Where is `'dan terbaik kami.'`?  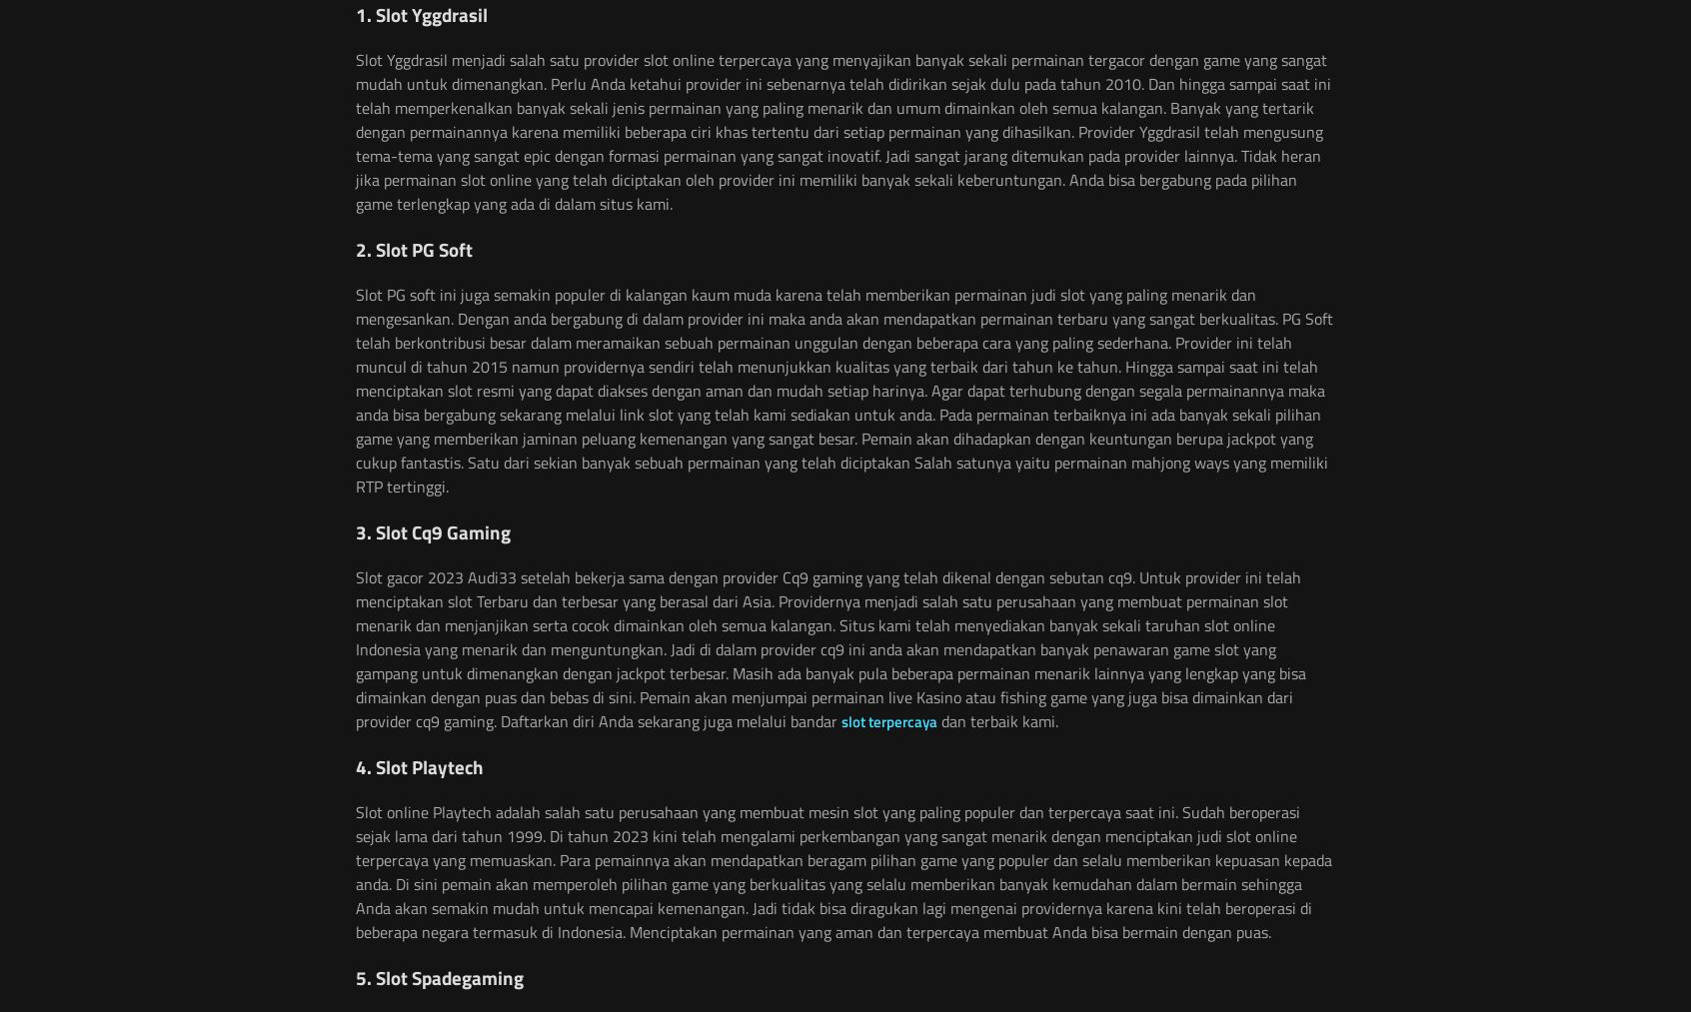 'dan terbaik kami.' is located at coordinates (996, 719).